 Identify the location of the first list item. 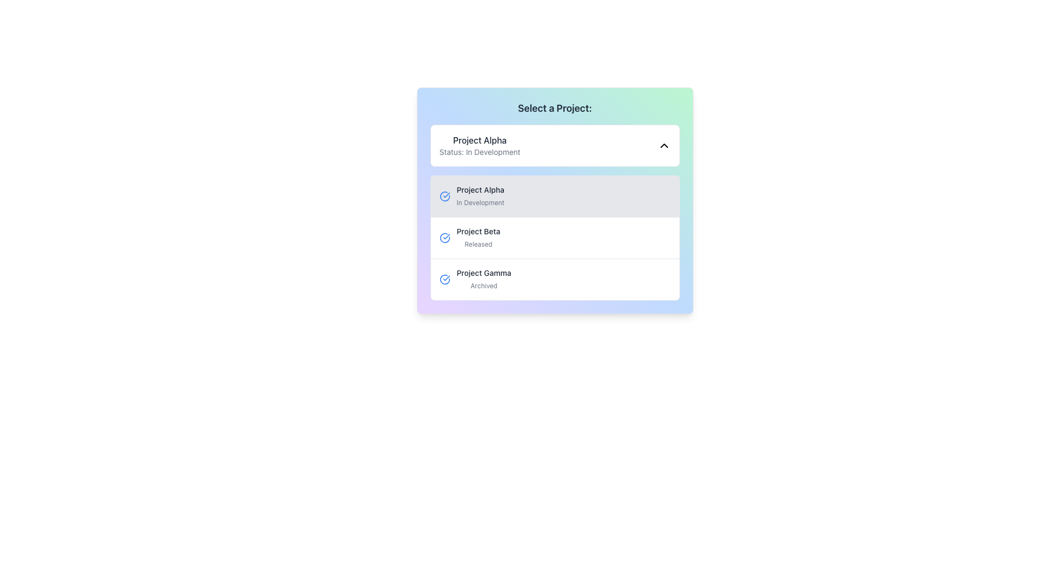
(555, 200).